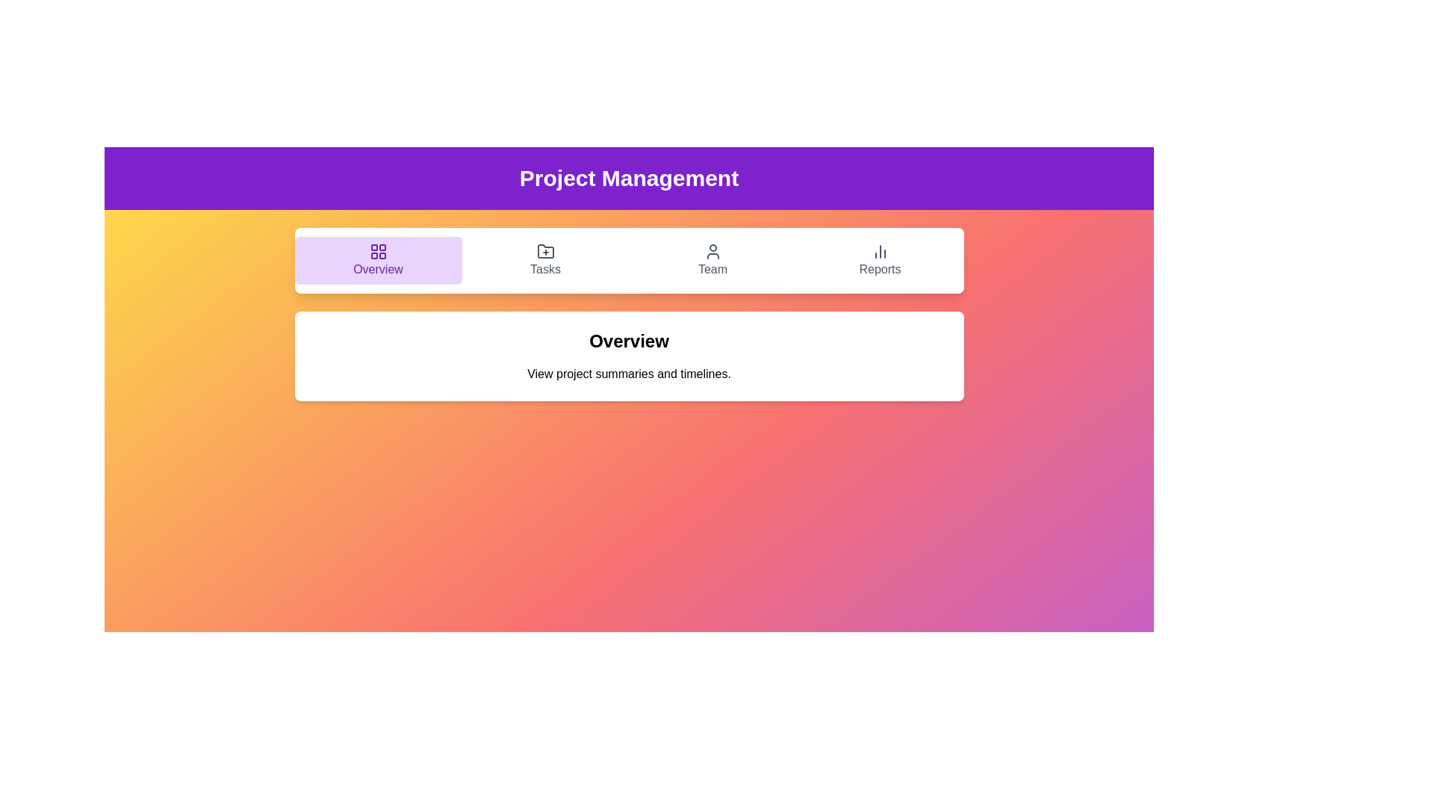 The height and width of the screenshot is (807, 1434). Describe the element at coordinates (880, 259) in the screenshot. I see `the tab labeled Reports to navigate to the corresponding section` at that location.